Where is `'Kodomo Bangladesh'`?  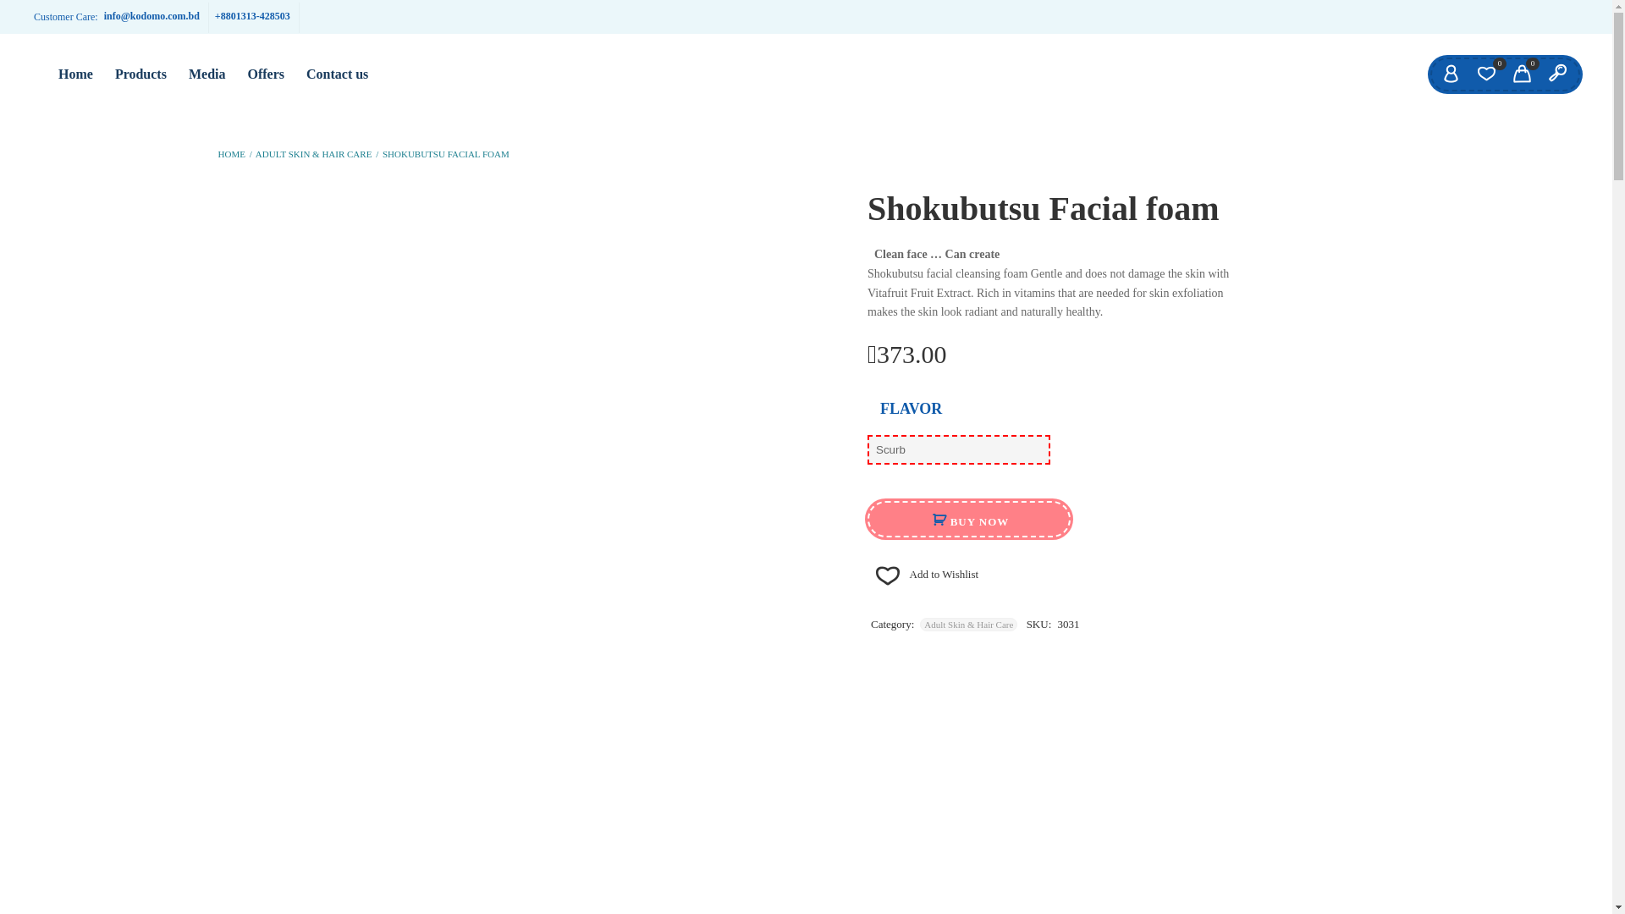
'Kodomo Bangladesh' is located at coordinates (34, 61).